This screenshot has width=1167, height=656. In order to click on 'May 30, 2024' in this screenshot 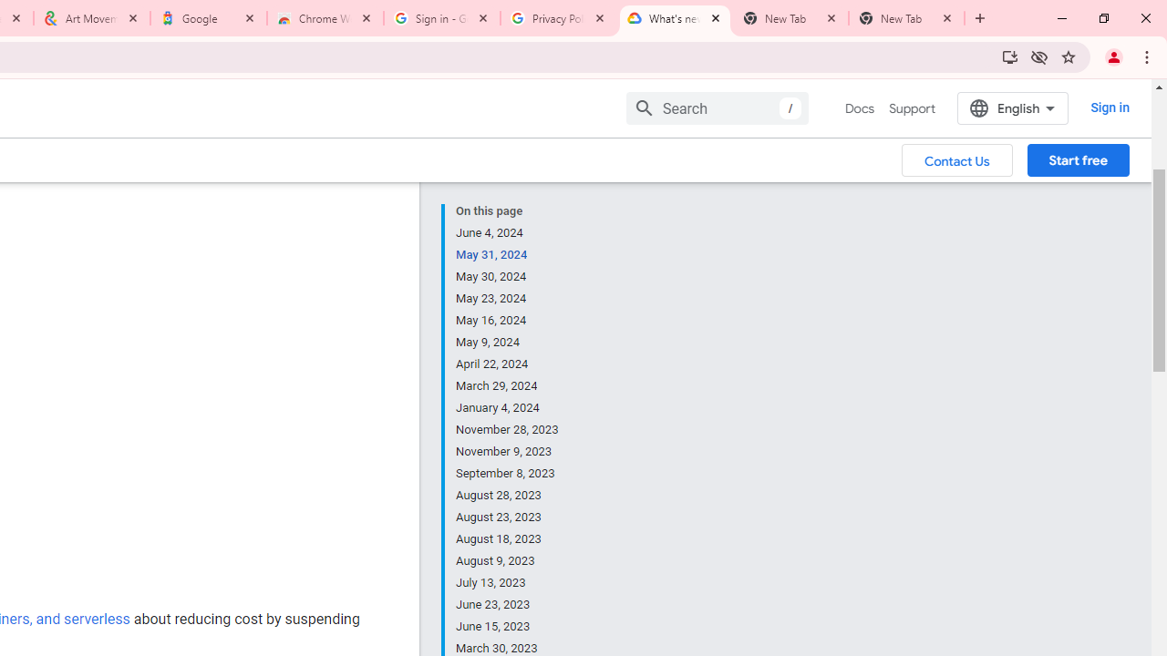, I will do `click(508, 277)`.